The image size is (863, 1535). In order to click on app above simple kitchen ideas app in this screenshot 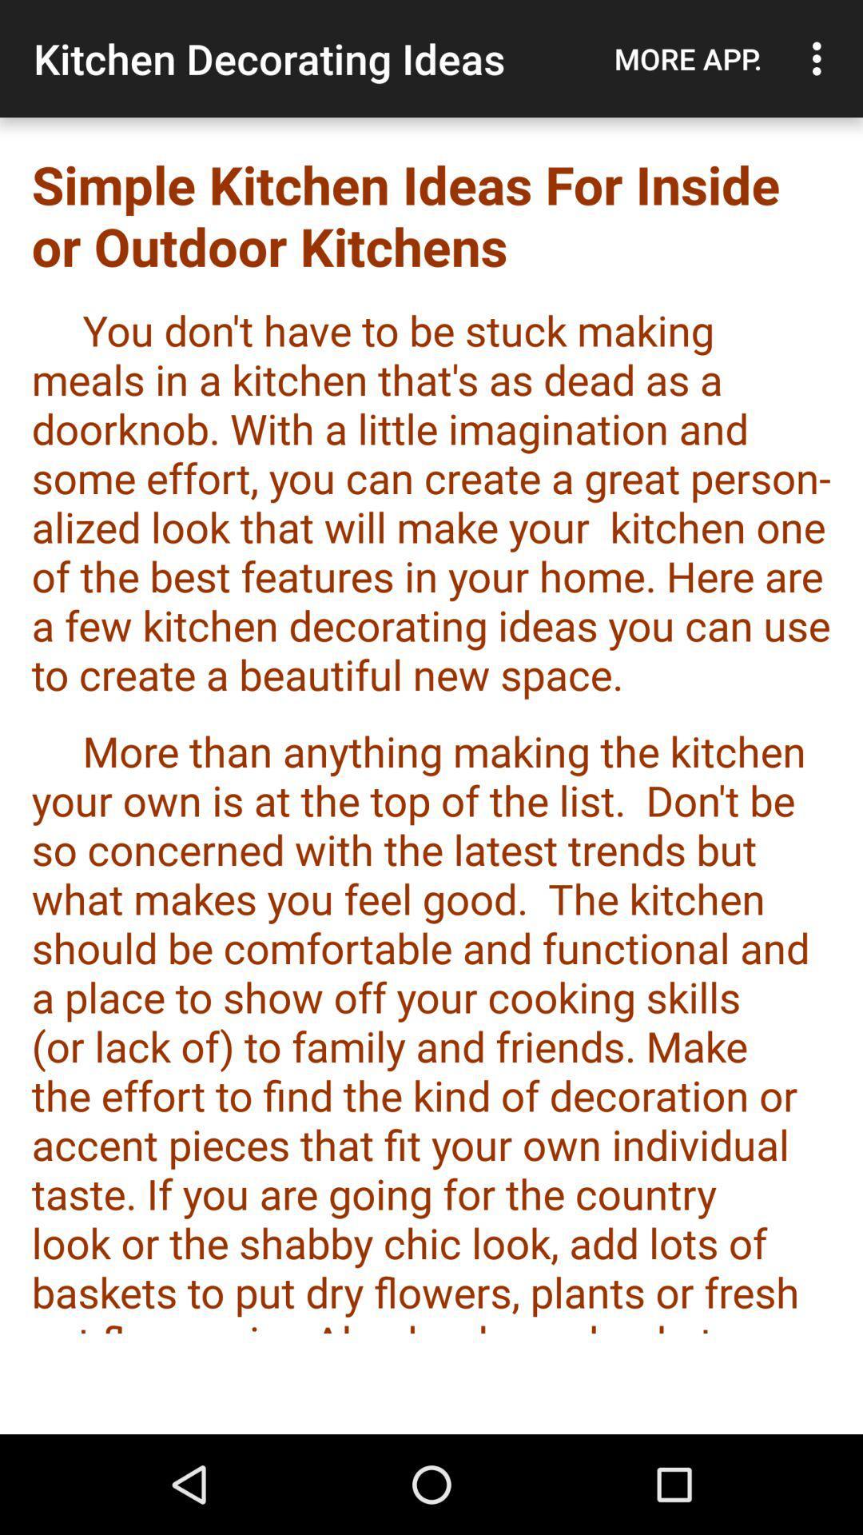, I will do `click(687, 58)`.